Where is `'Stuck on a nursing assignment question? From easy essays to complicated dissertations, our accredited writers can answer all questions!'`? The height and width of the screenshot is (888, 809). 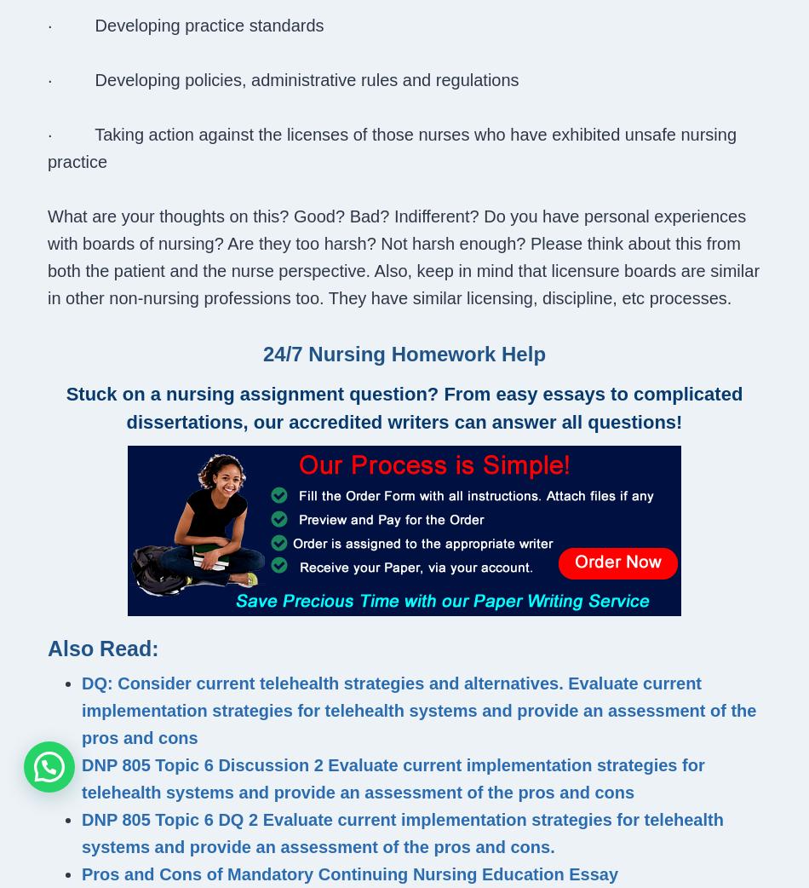 'Stuck on a nursing assignment question? From easy essays to complicated dissertations, our accredited writers can answer all questions!' is located at coordinates (403, 408).